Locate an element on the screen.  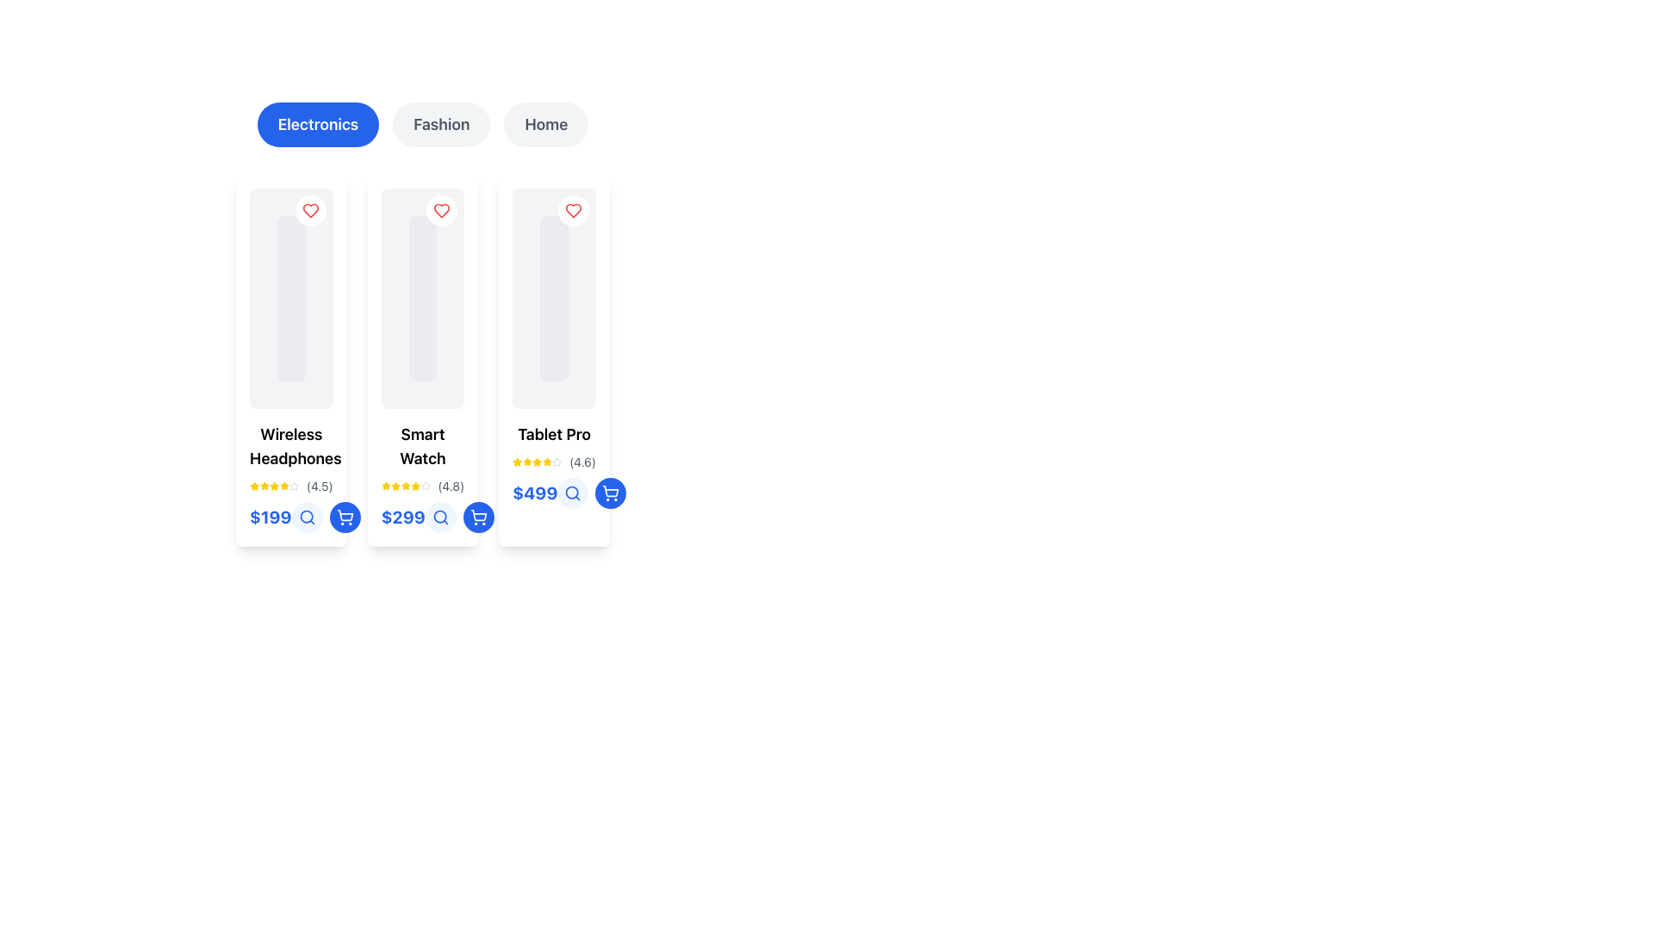
the 'Home' button, which is the third button from the left in a group of three buttons at the top of the interface is located at coordinates (545, 124).